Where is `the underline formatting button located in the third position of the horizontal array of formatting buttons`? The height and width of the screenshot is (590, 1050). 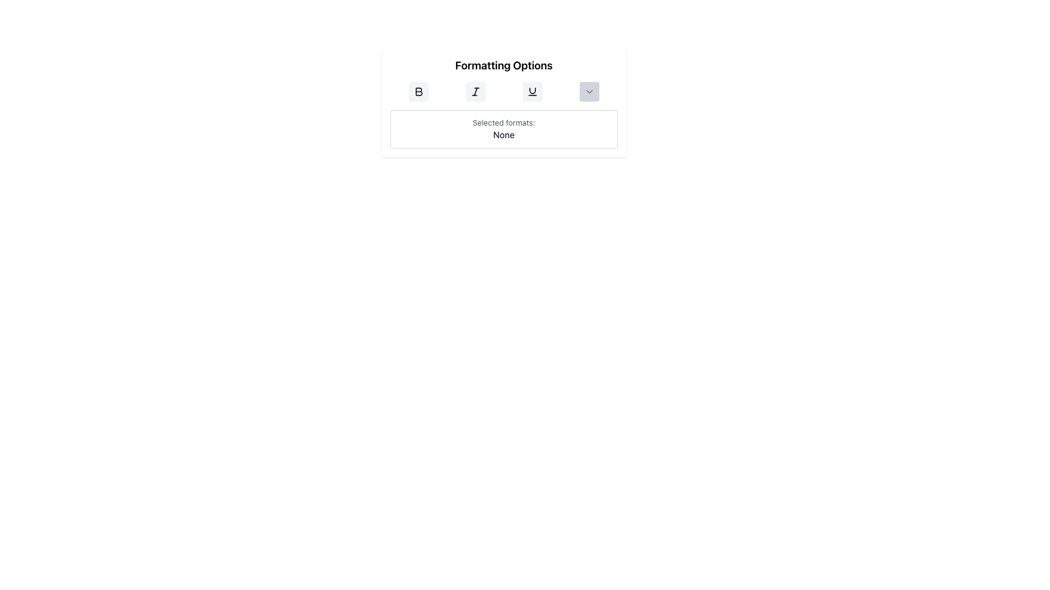
the underline formatting button located in the third position of the horizontal array of formatting buttons is located at coordinates (532, 91).